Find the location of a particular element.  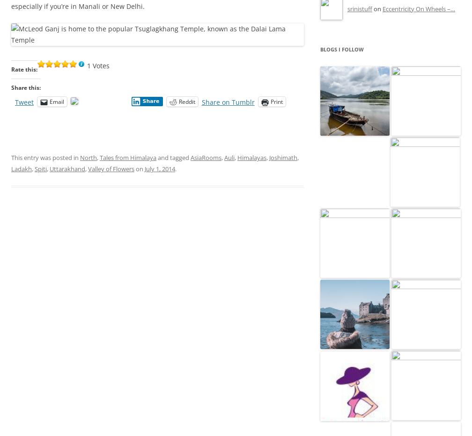

'Joshimath' is located at coordinates (283, 158).